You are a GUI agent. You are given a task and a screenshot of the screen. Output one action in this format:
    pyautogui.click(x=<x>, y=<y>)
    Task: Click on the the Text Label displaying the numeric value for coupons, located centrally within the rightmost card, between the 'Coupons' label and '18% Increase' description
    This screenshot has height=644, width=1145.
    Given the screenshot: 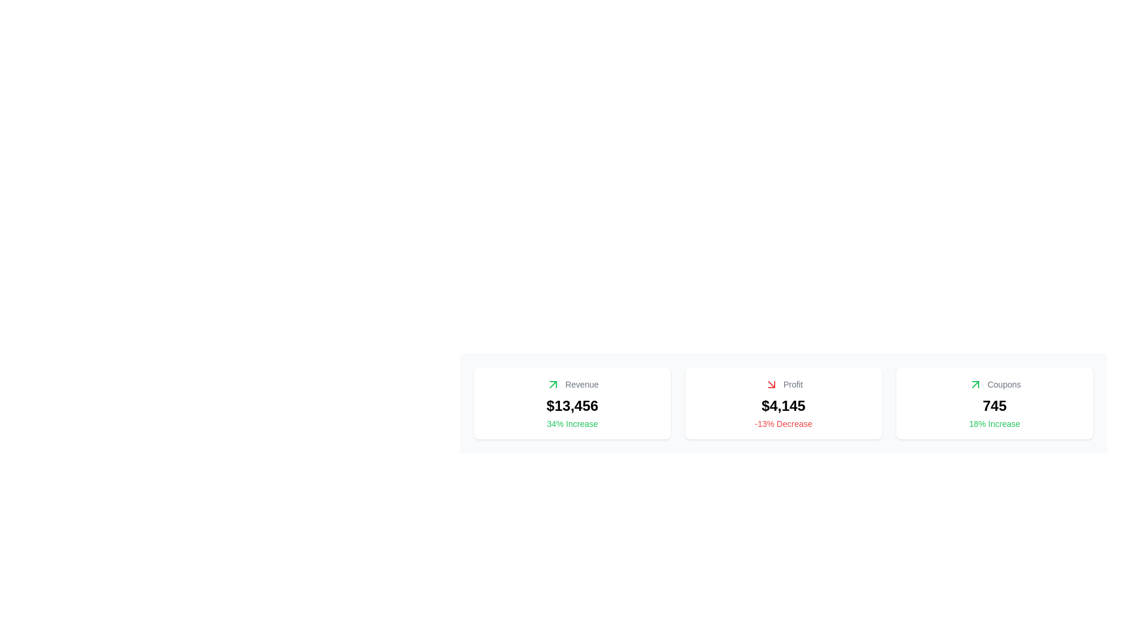 What is the action you would take?
    pyautogui.click(x=994, y=405)
    